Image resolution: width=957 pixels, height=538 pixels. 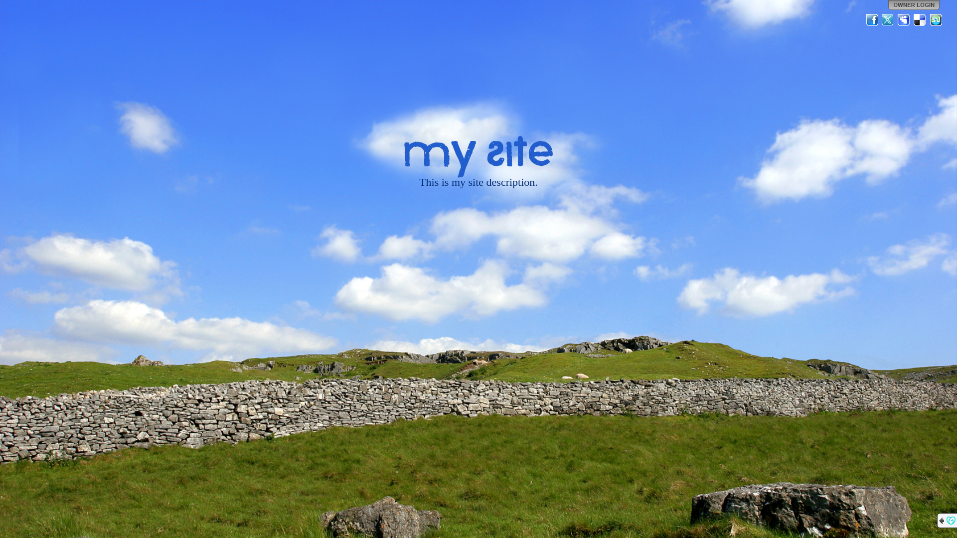 What do you see at coordinates (920, 19) in the screenshot?
I see `'Del.icio.us'` at bounding box center [920, 19].